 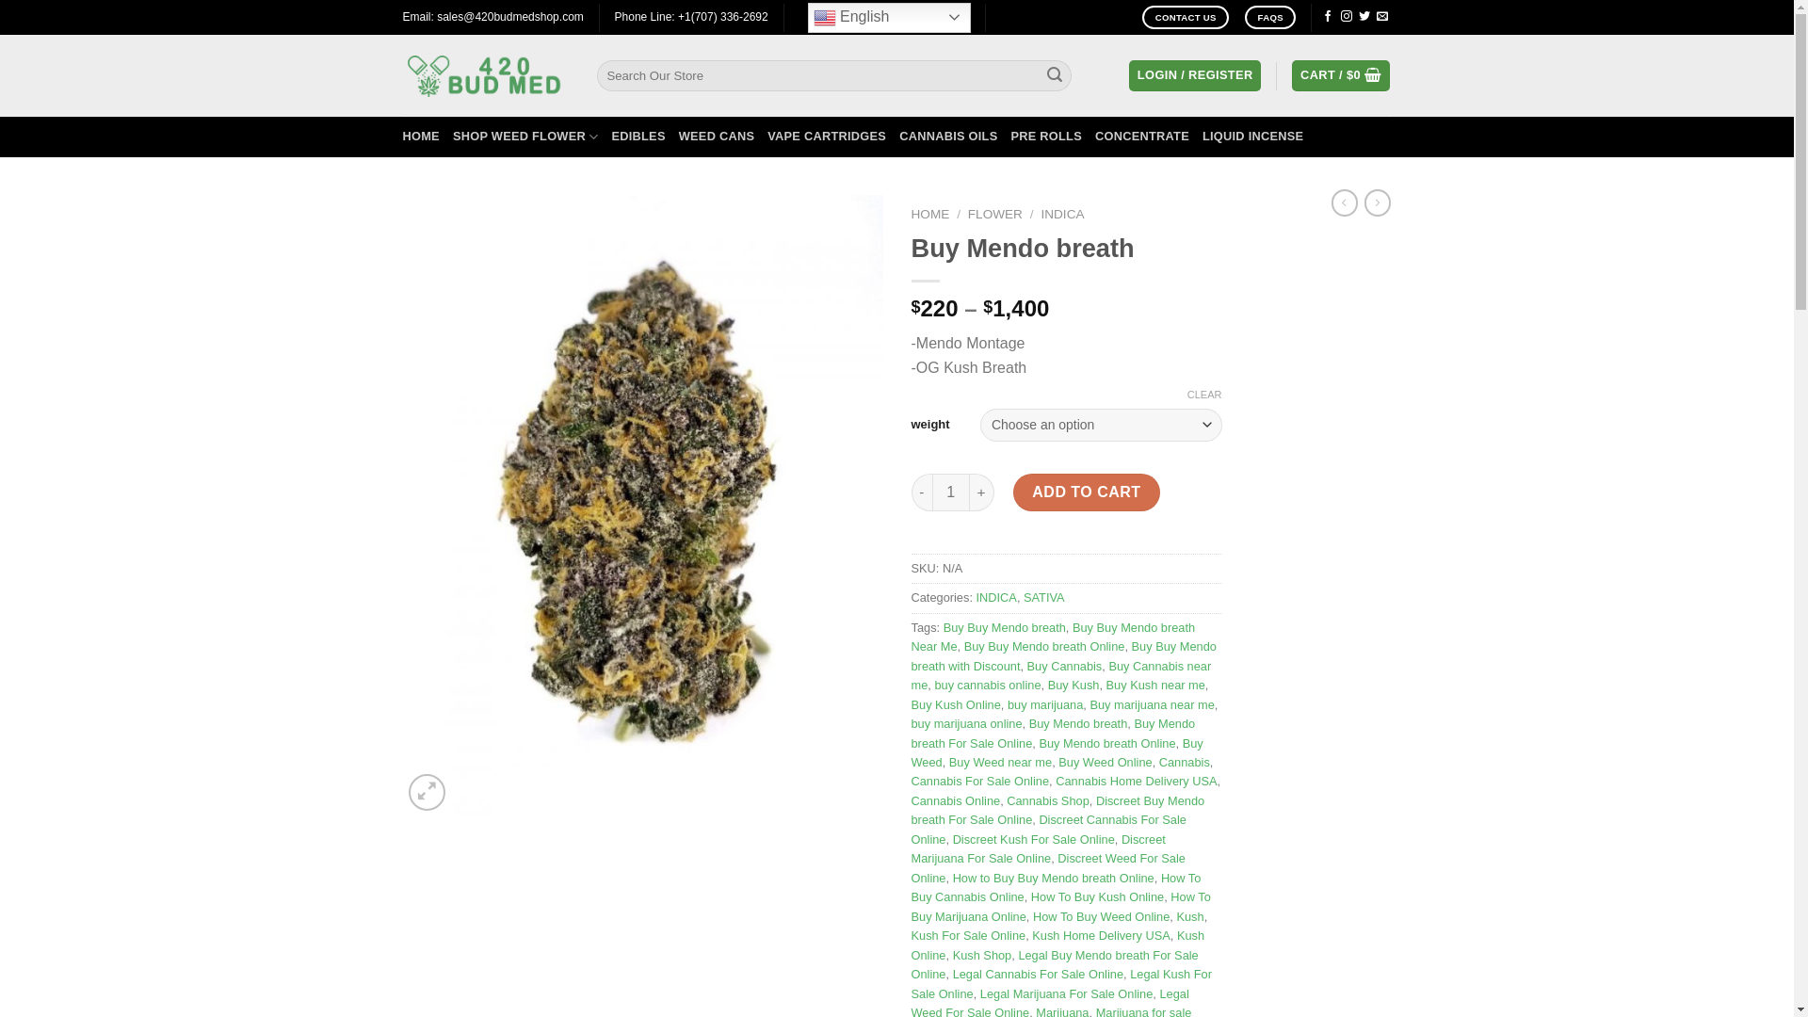 I want to click on 'Buy marijuana near me', so click(x=1151, y=704).